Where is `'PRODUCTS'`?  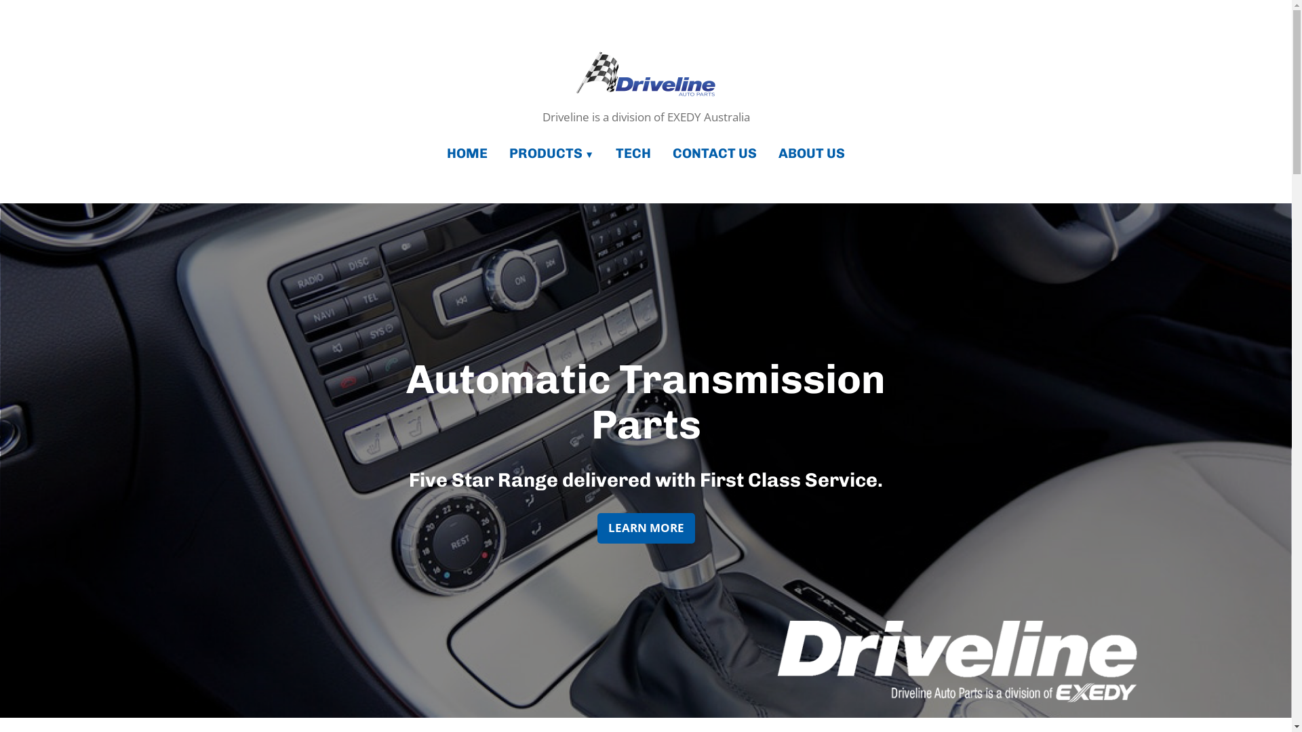 'PRODUCTS' is located at coordinates (551, 153).